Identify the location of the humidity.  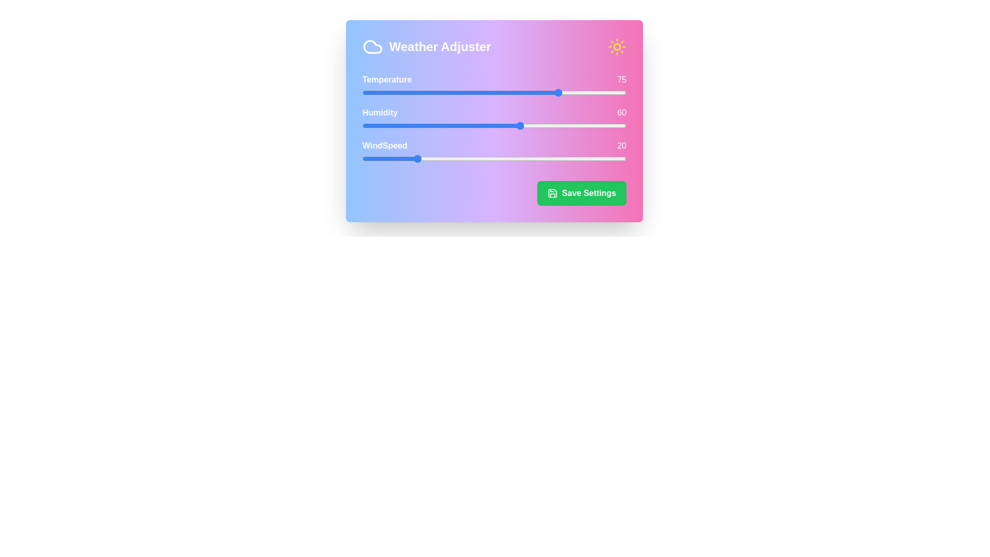
(523, 125).